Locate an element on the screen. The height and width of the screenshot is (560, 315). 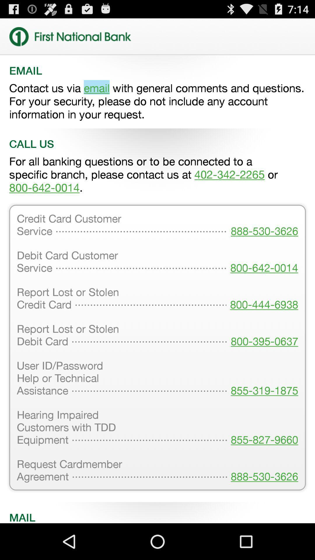
the item below user id password item is located at coordinates (262, 428).